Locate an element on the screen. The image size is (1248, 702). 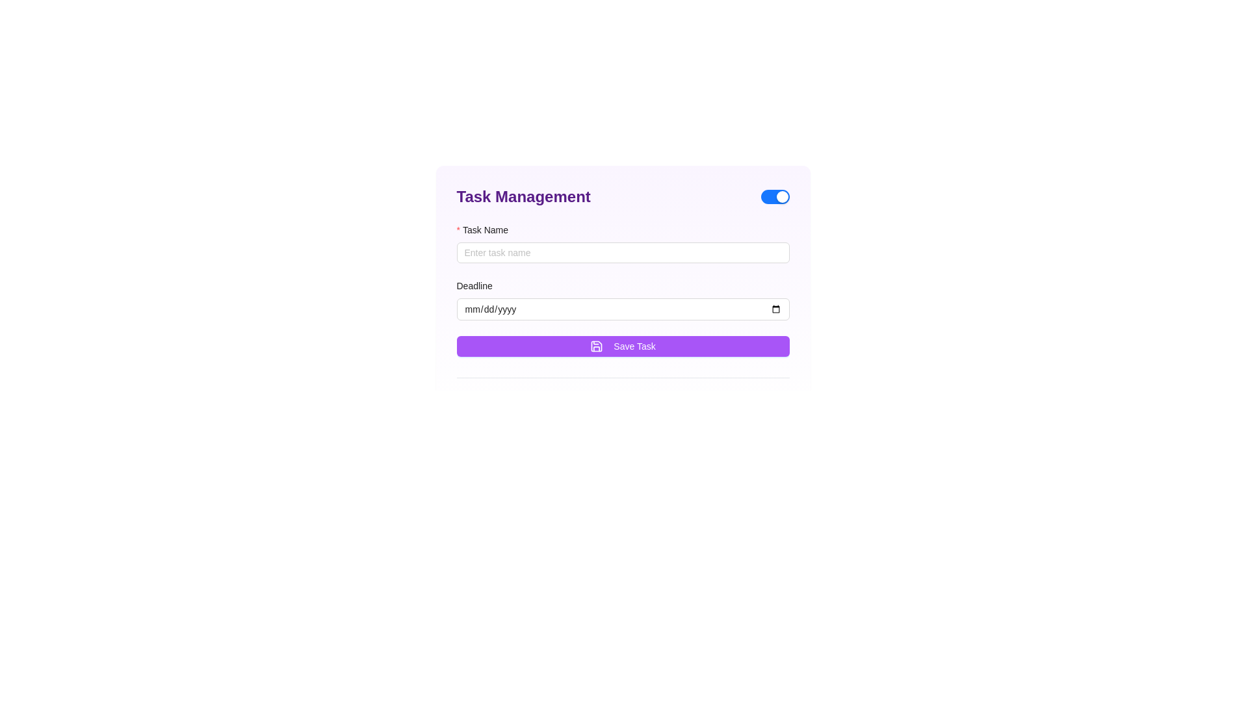
the folder-like icon representing storage or saving functionality, located to the left of the 'Save Task' button is located at coordinates (596, 345).